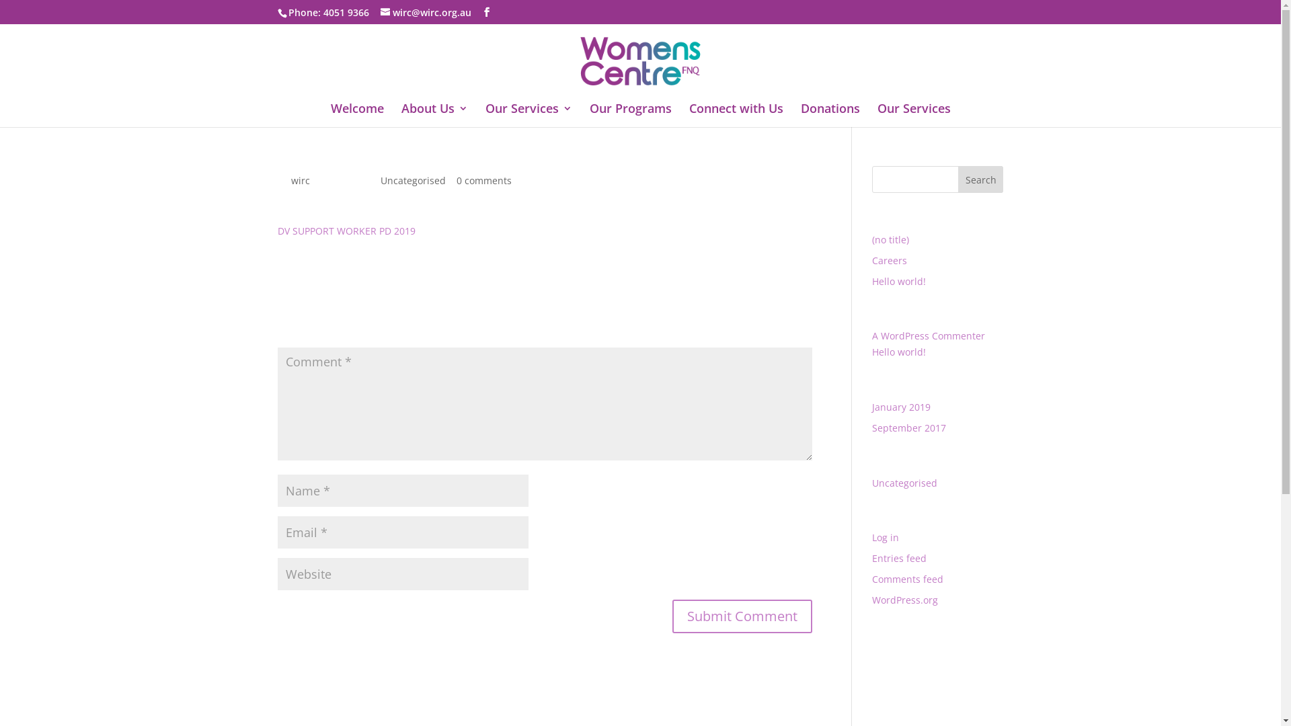  Describe the element at coordinates (483, 179) in the screenshot. I see `'0 comments'` at that location.